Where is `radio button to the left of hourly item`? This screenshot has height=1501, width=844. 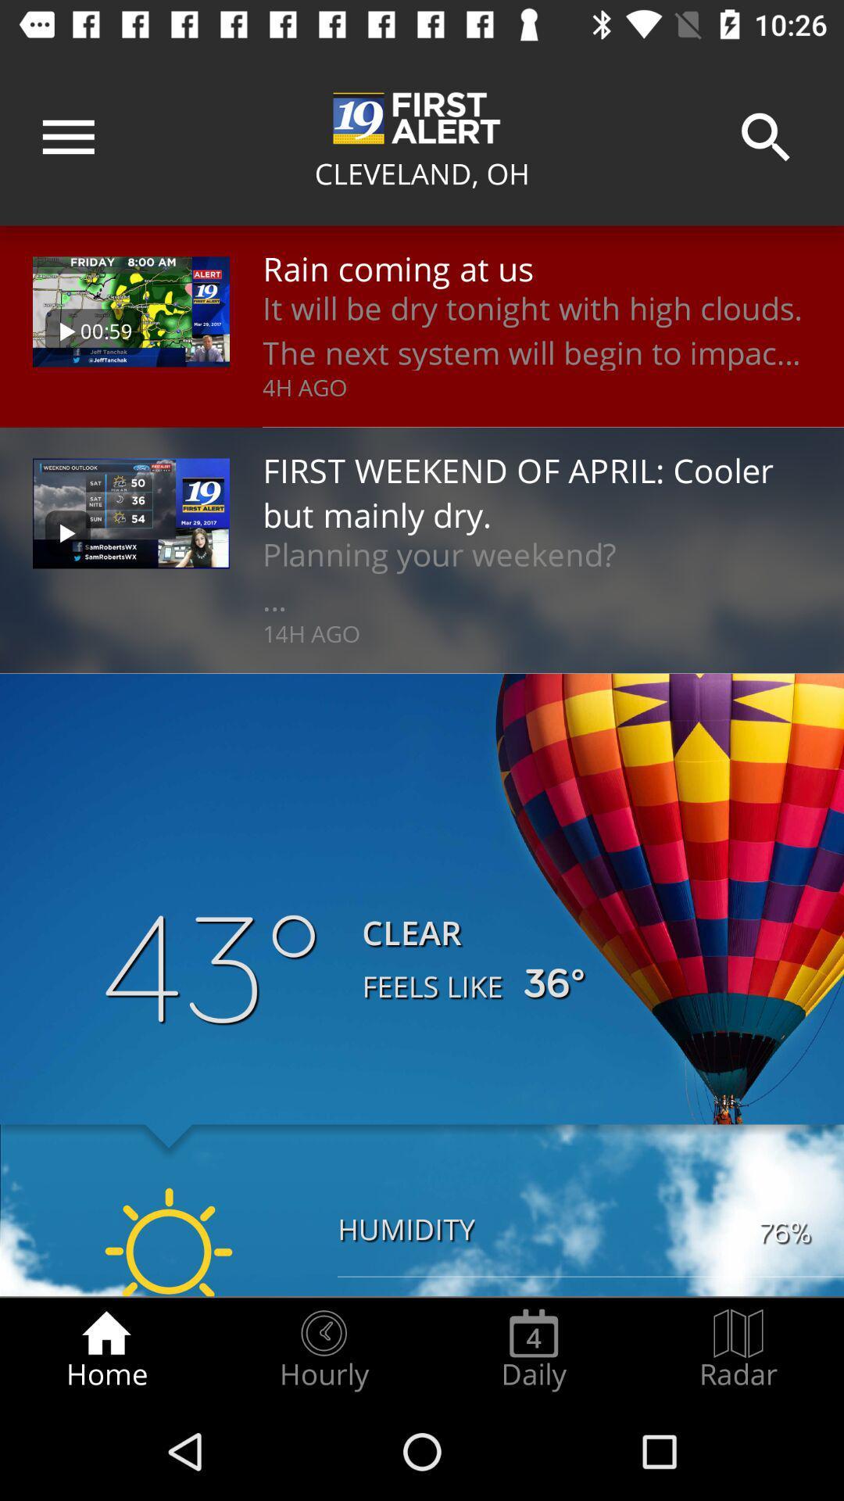 radio button to the left of hourly item is located at coordinates (105, 1349).